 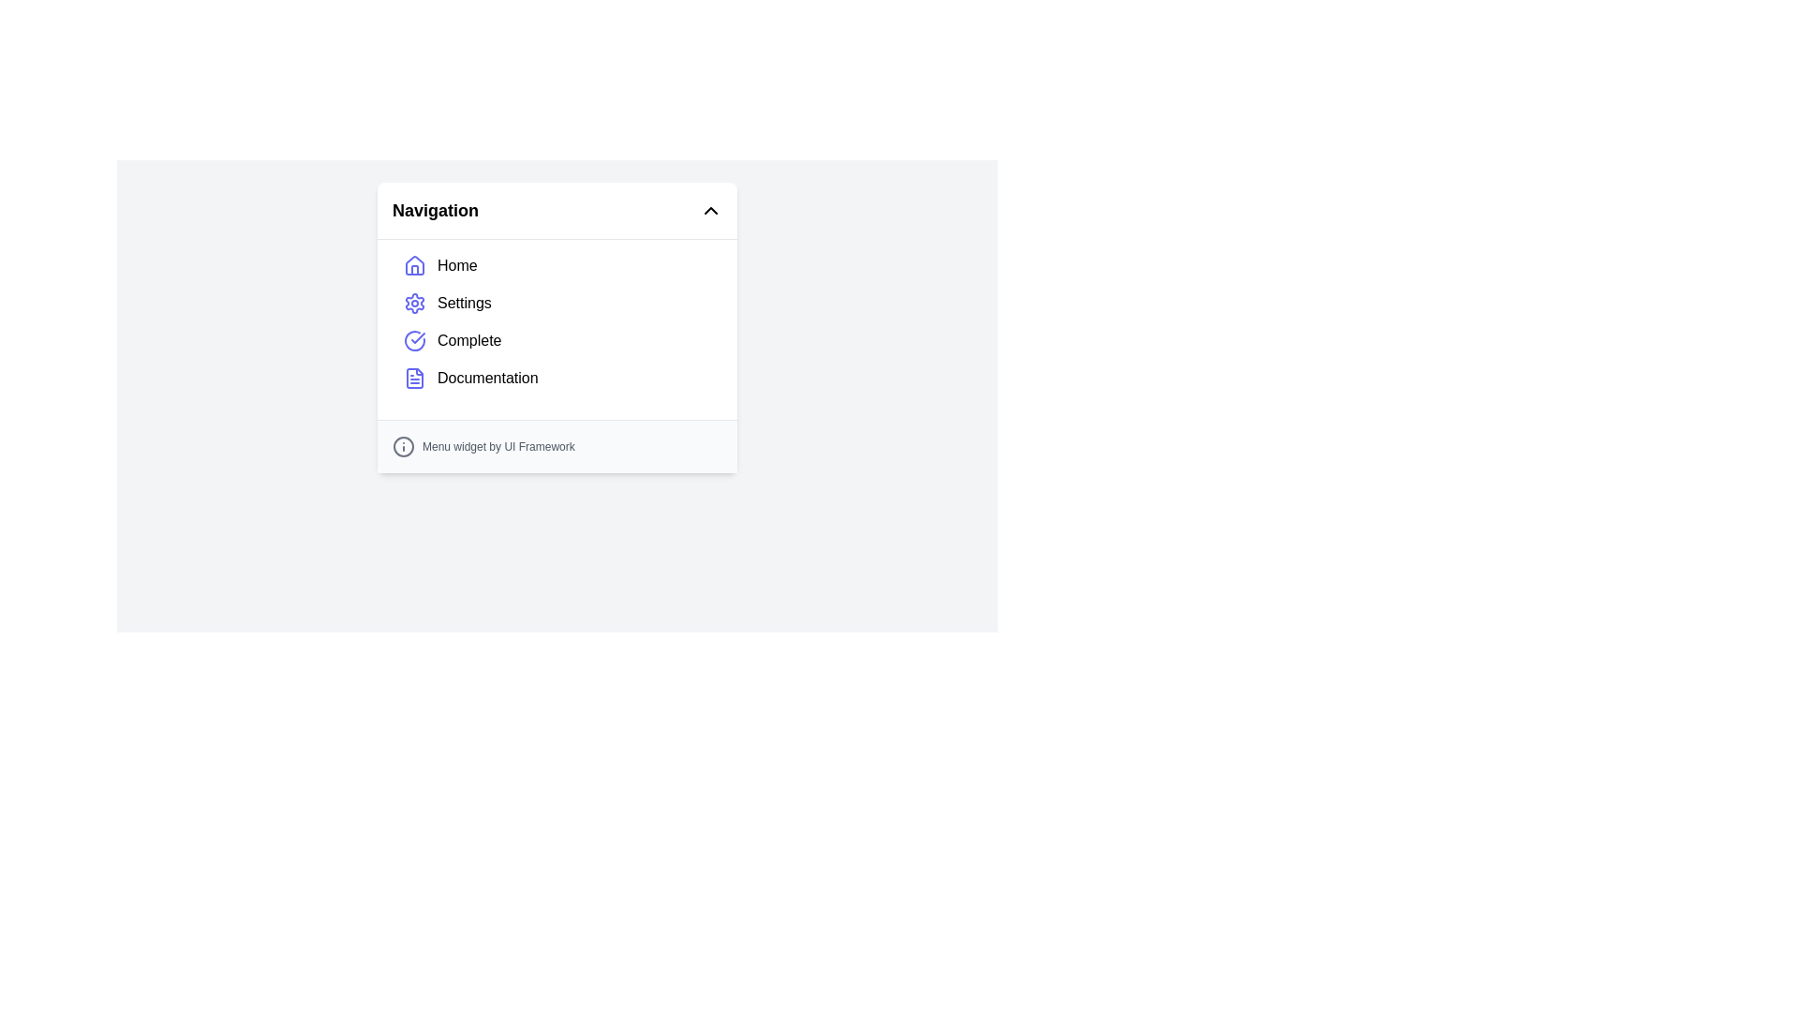 What do you see at coordinates (557, 266) in the screenshot?
I see `the 'Home' button in the navigation options` at bounding box center [557, 266].